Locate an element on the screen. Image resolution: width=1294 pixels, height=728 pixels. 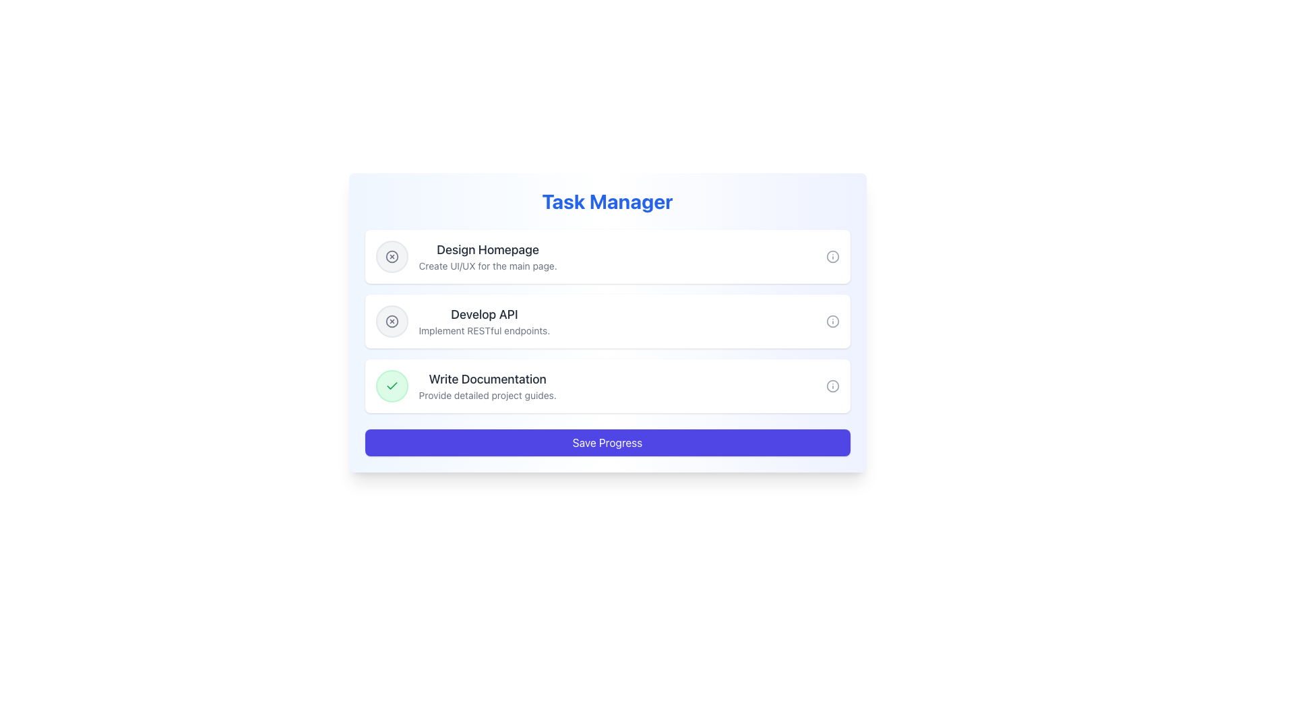
the descriptive text label that provides additional details about the task 'Develop API', specifically the description 'Implement RESTful endpoints.' is located at coordinates (484, 330).